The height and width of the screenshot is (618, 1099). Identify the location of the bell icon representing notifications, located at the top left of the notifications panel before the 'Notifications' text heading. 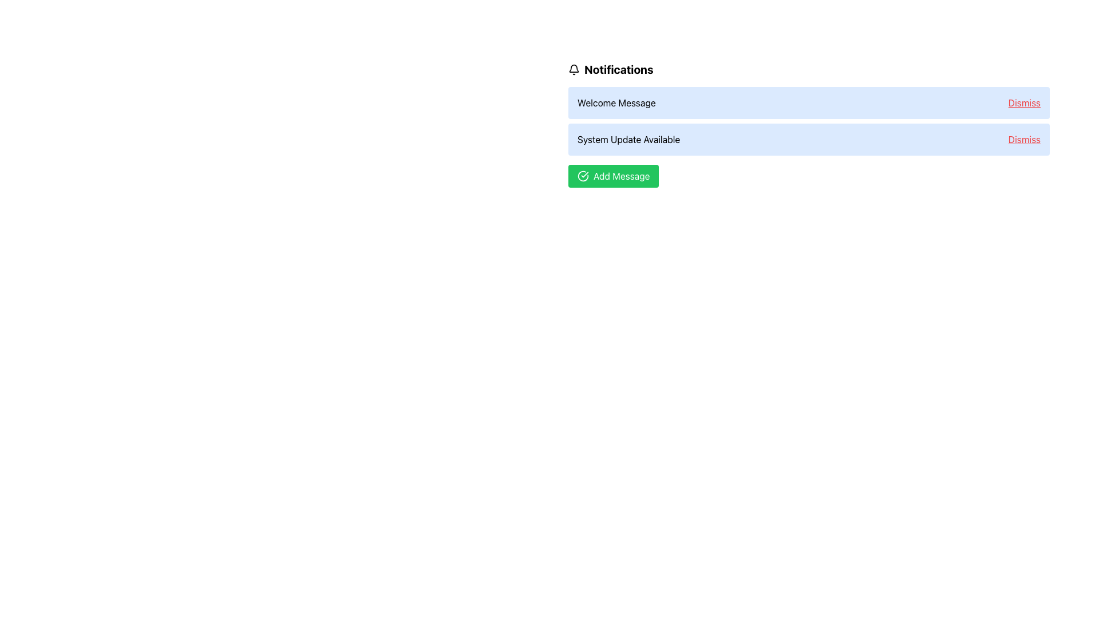
(574, 68).